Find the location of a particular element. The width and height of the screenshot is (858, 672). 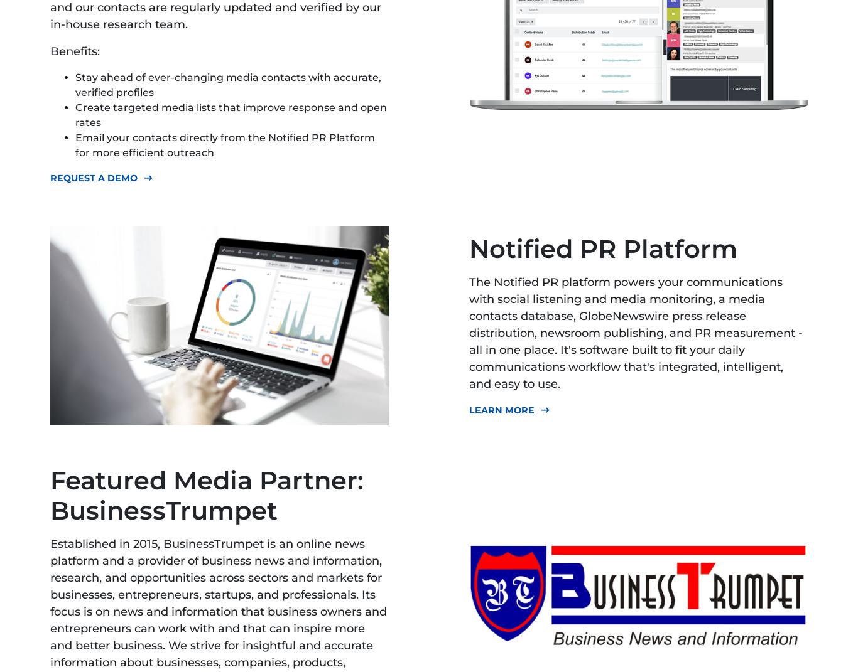

'Request A Demo' is located at coordinates (93, 178).